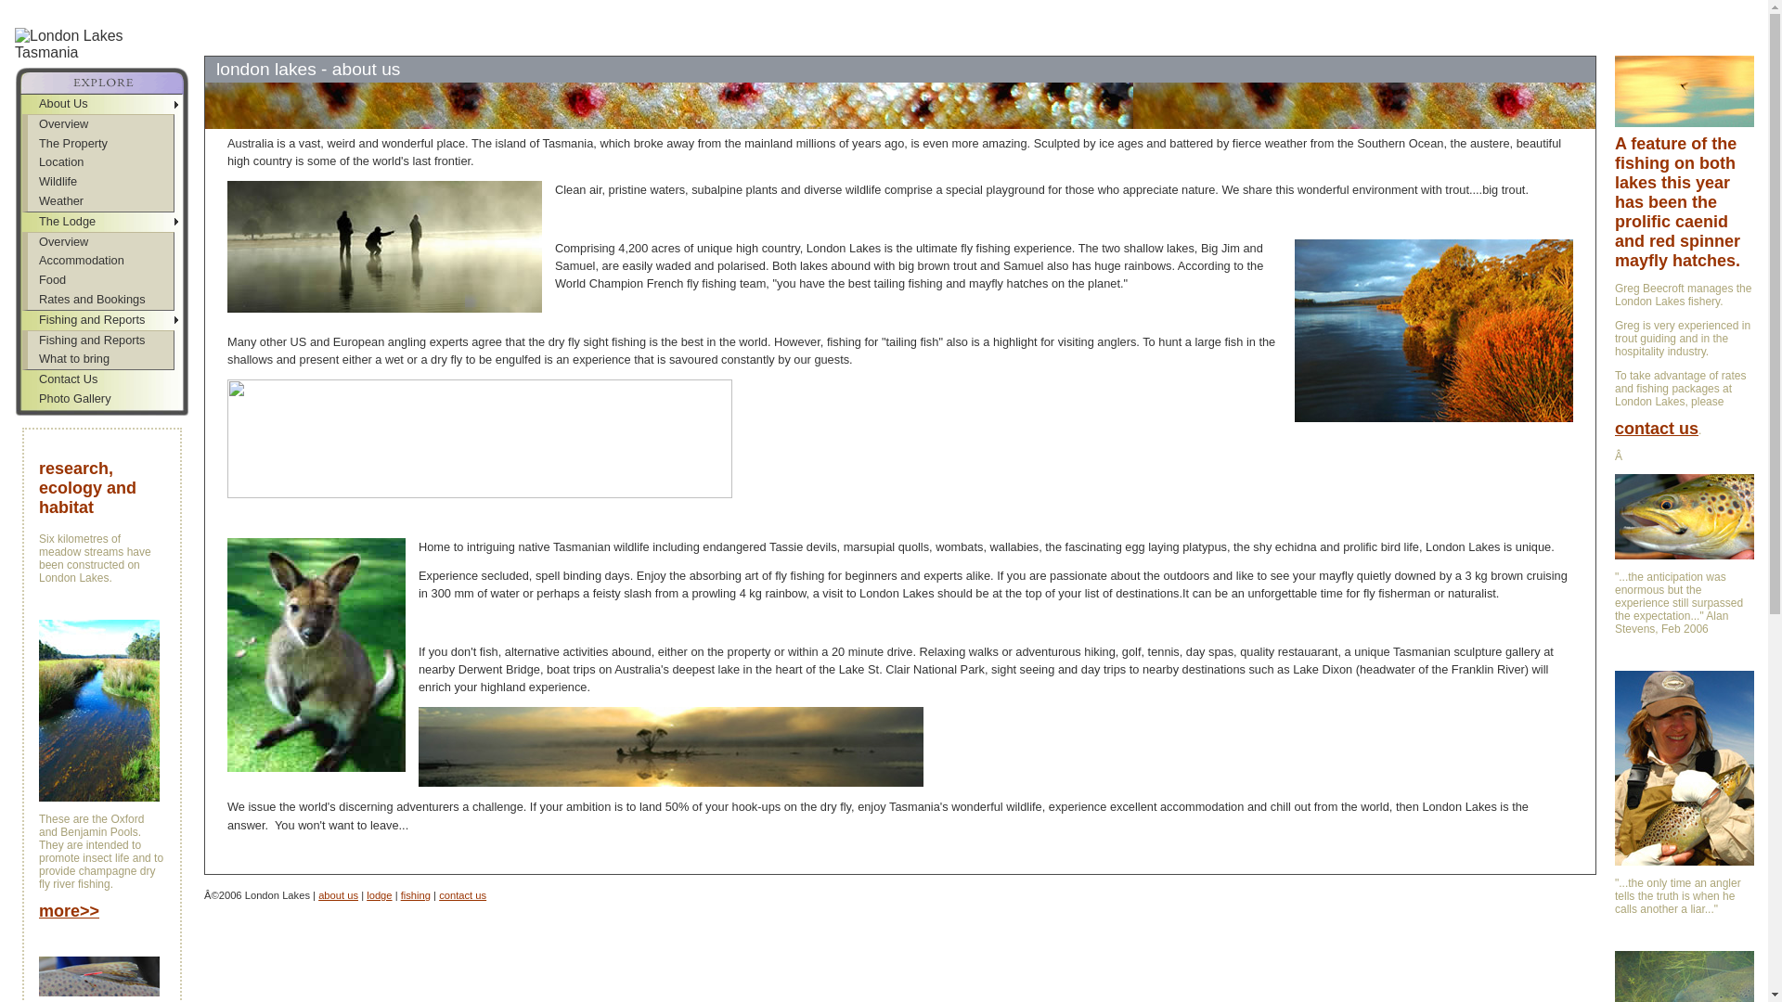 The image size is (1782, 1002). What do you see at coordinates (101, 319) in the screenshot?
I see `'Fishing and Reports'` at bounding box center [101, 319].